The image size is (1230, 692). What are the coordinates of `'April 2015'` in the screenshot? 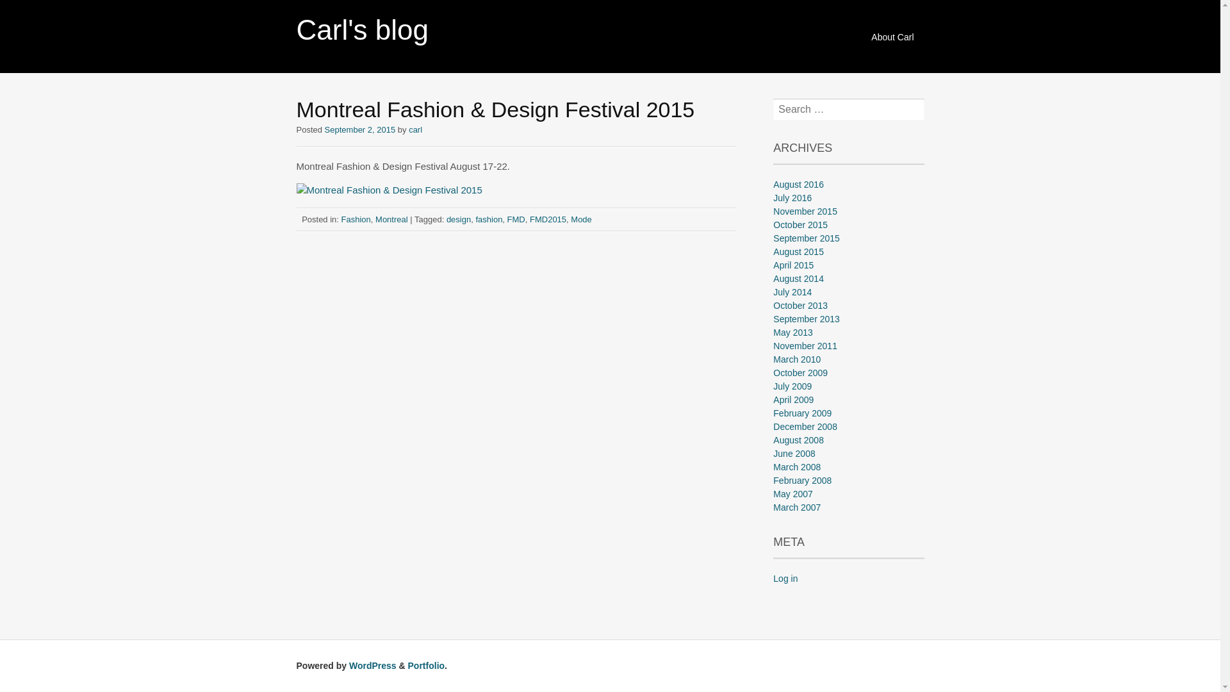 It's located at (792, 264).